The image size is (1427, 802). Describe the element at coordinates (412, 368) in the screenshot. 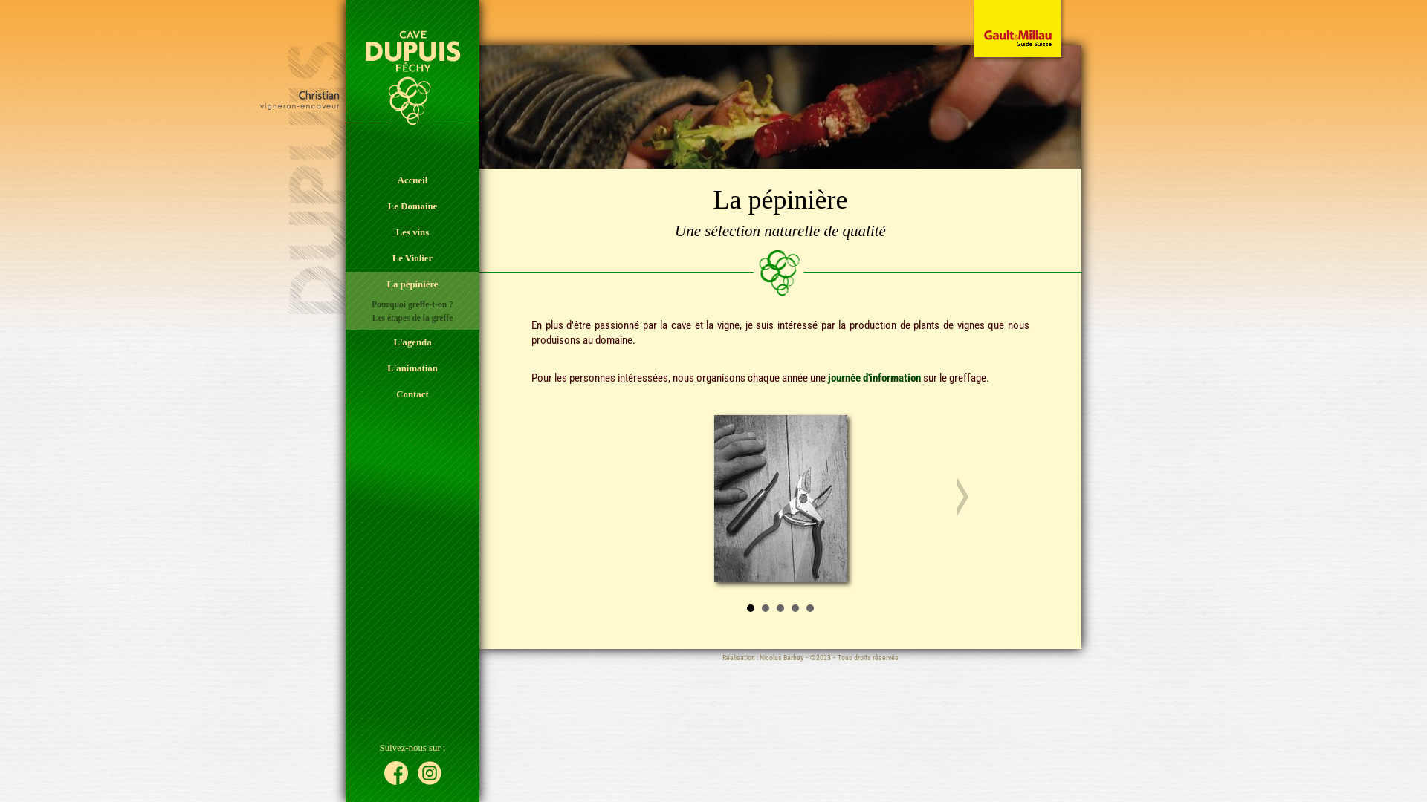

I see `'L'animation'` at that location.